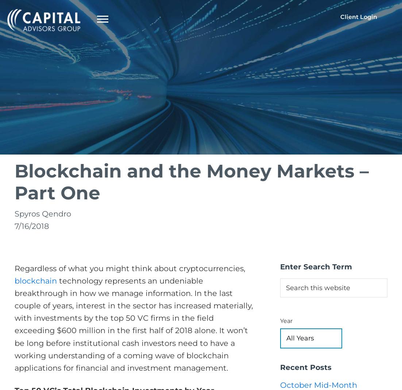 The height and width of the screenshot is (390, 402). I want to click on 'Client Login', so click(358, 16).